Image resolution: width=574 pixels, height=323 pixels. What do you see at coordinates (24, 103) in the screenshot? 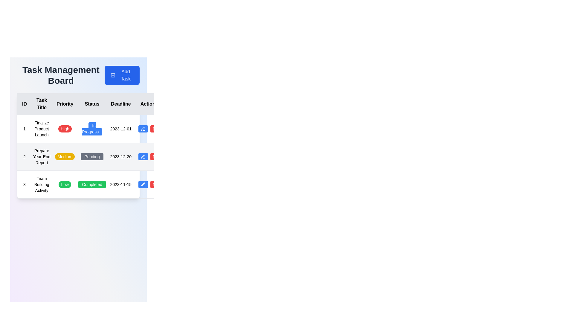
I see `the Table Header Cell that serves as the header for the unique identifiers column, located at the far-left of the table header row` at bounding box center [24, 103].